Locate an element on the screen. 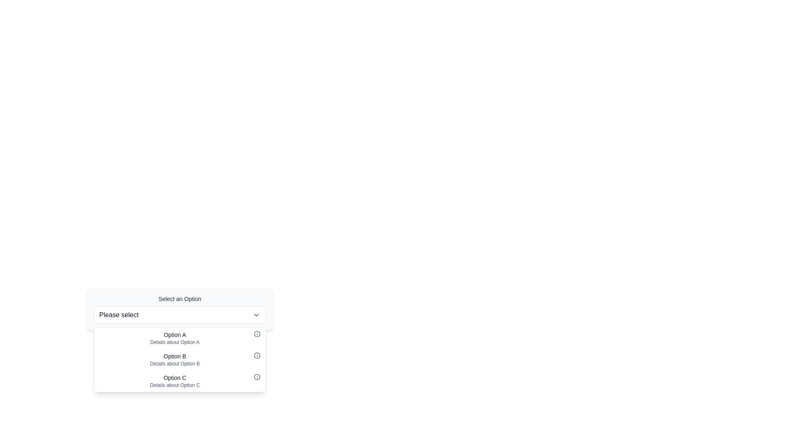  the gray 'info' icon located at the end of the 'Option C' line to interact with it is located at coordinates (257, 377).